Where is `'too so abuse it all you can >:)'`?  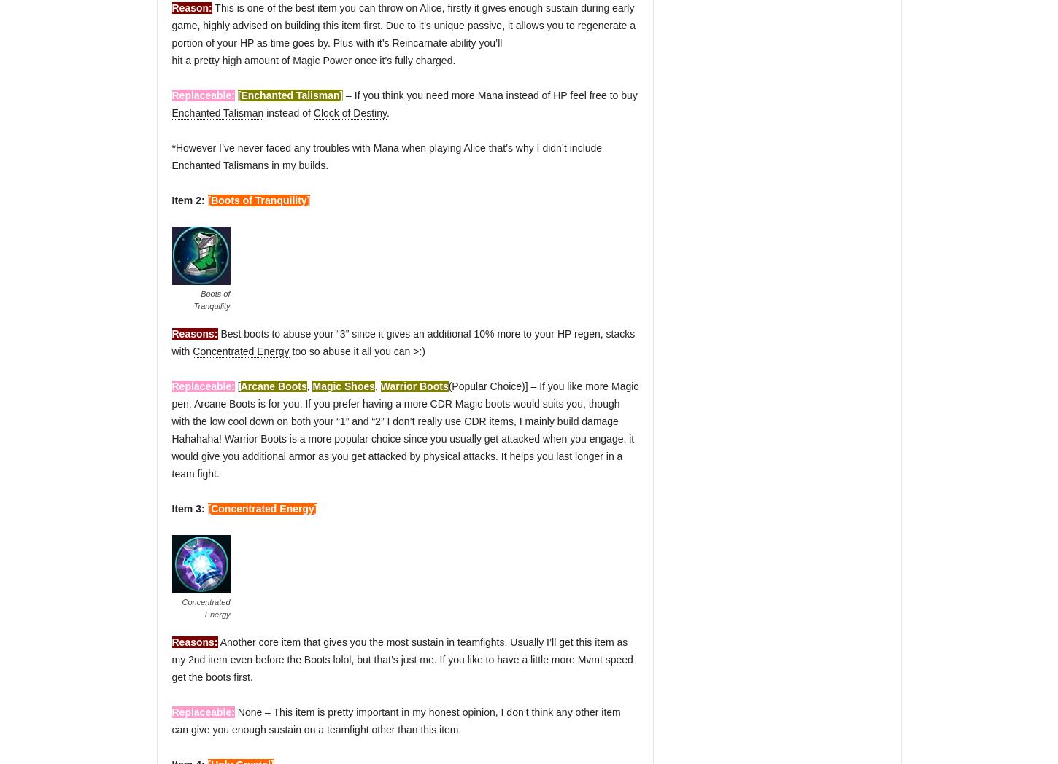 'too so abuse it all you can >:)' is located at coordinates (357, 351).